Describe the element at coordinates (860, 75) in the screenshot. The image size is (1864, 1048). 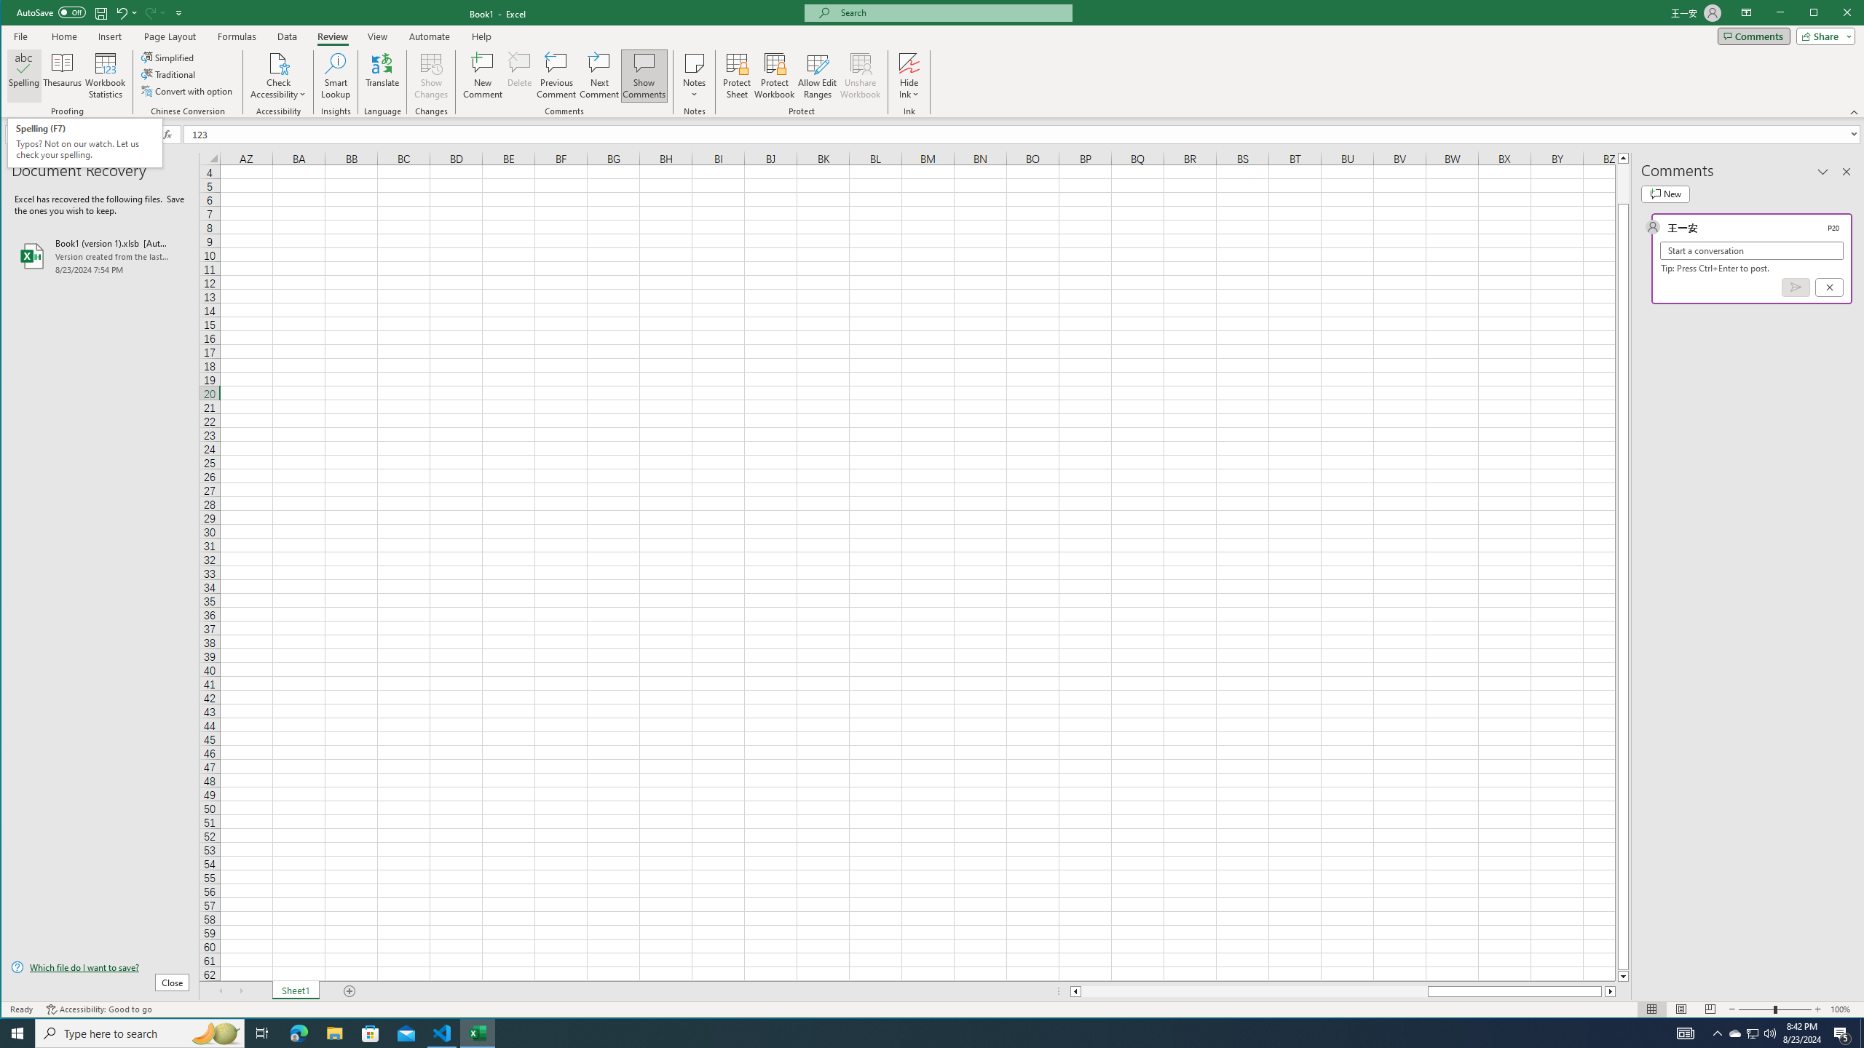
I see `'Unshare Workbook'` at that location.